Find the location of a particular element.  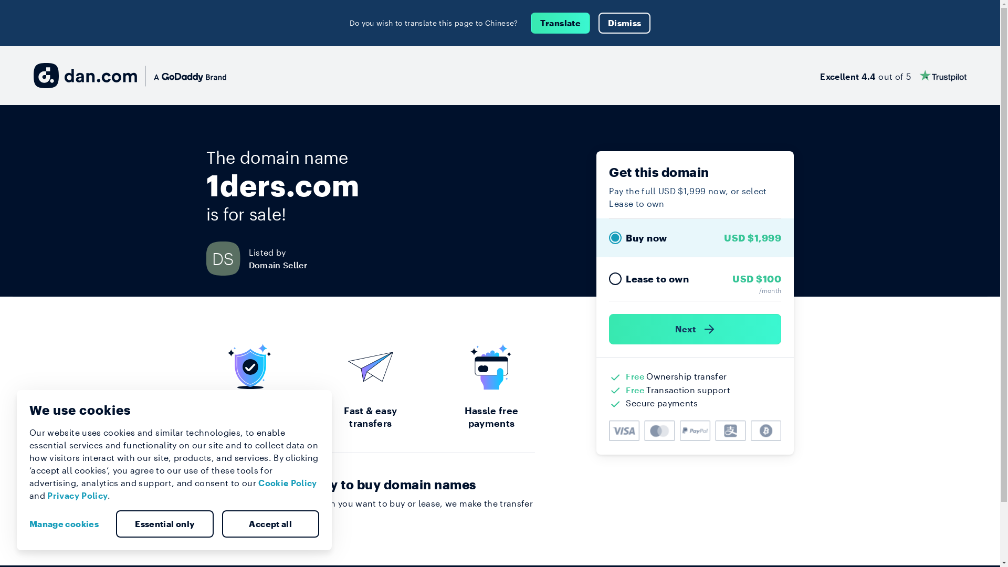

'Next is located at coordinates (695, 329).